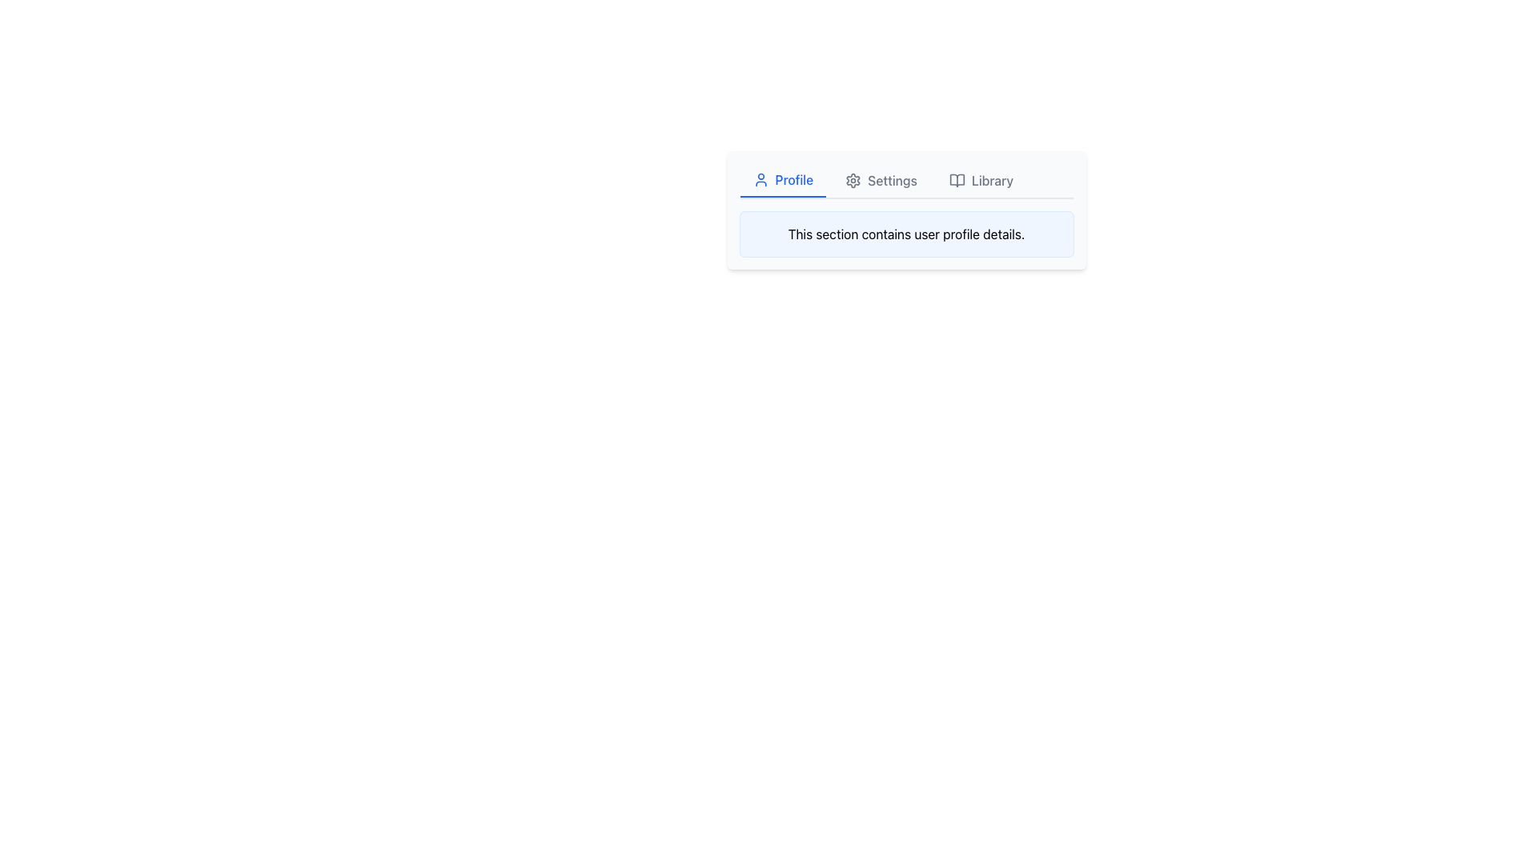  What do you see at coordinates (794, 179) in the screenshot?
I see `the 'Profile' text in the navigation bar` at bounding box center [794, 179].